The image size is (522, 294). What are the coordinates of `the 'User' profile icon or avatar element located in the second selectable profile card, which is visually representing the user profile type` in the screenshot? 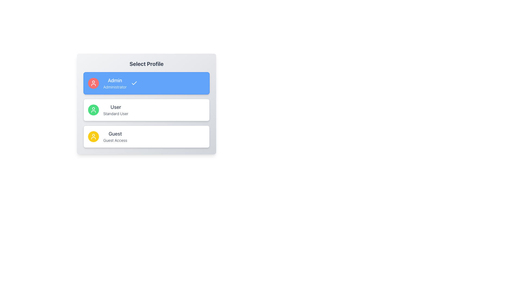 It's located at (94, 110).